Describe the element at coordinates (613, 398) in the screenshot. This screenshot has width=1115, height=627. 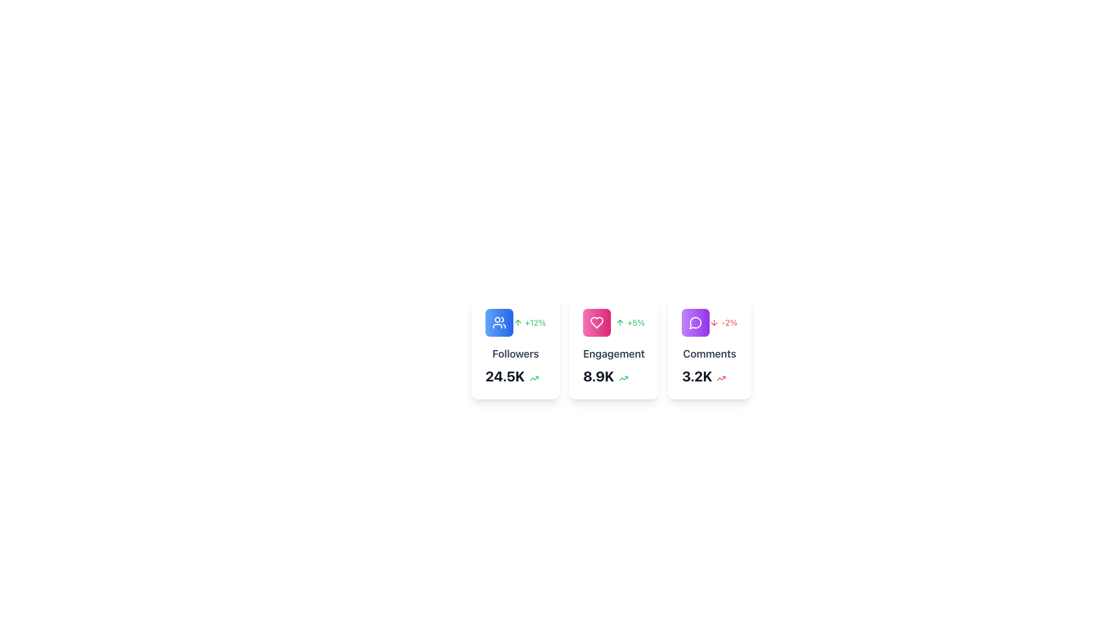
I see `the Decorative bar located at the bottom edge of the card displaying 'Engagement' data, which serves as a footer-like horizontal bar` at that location.